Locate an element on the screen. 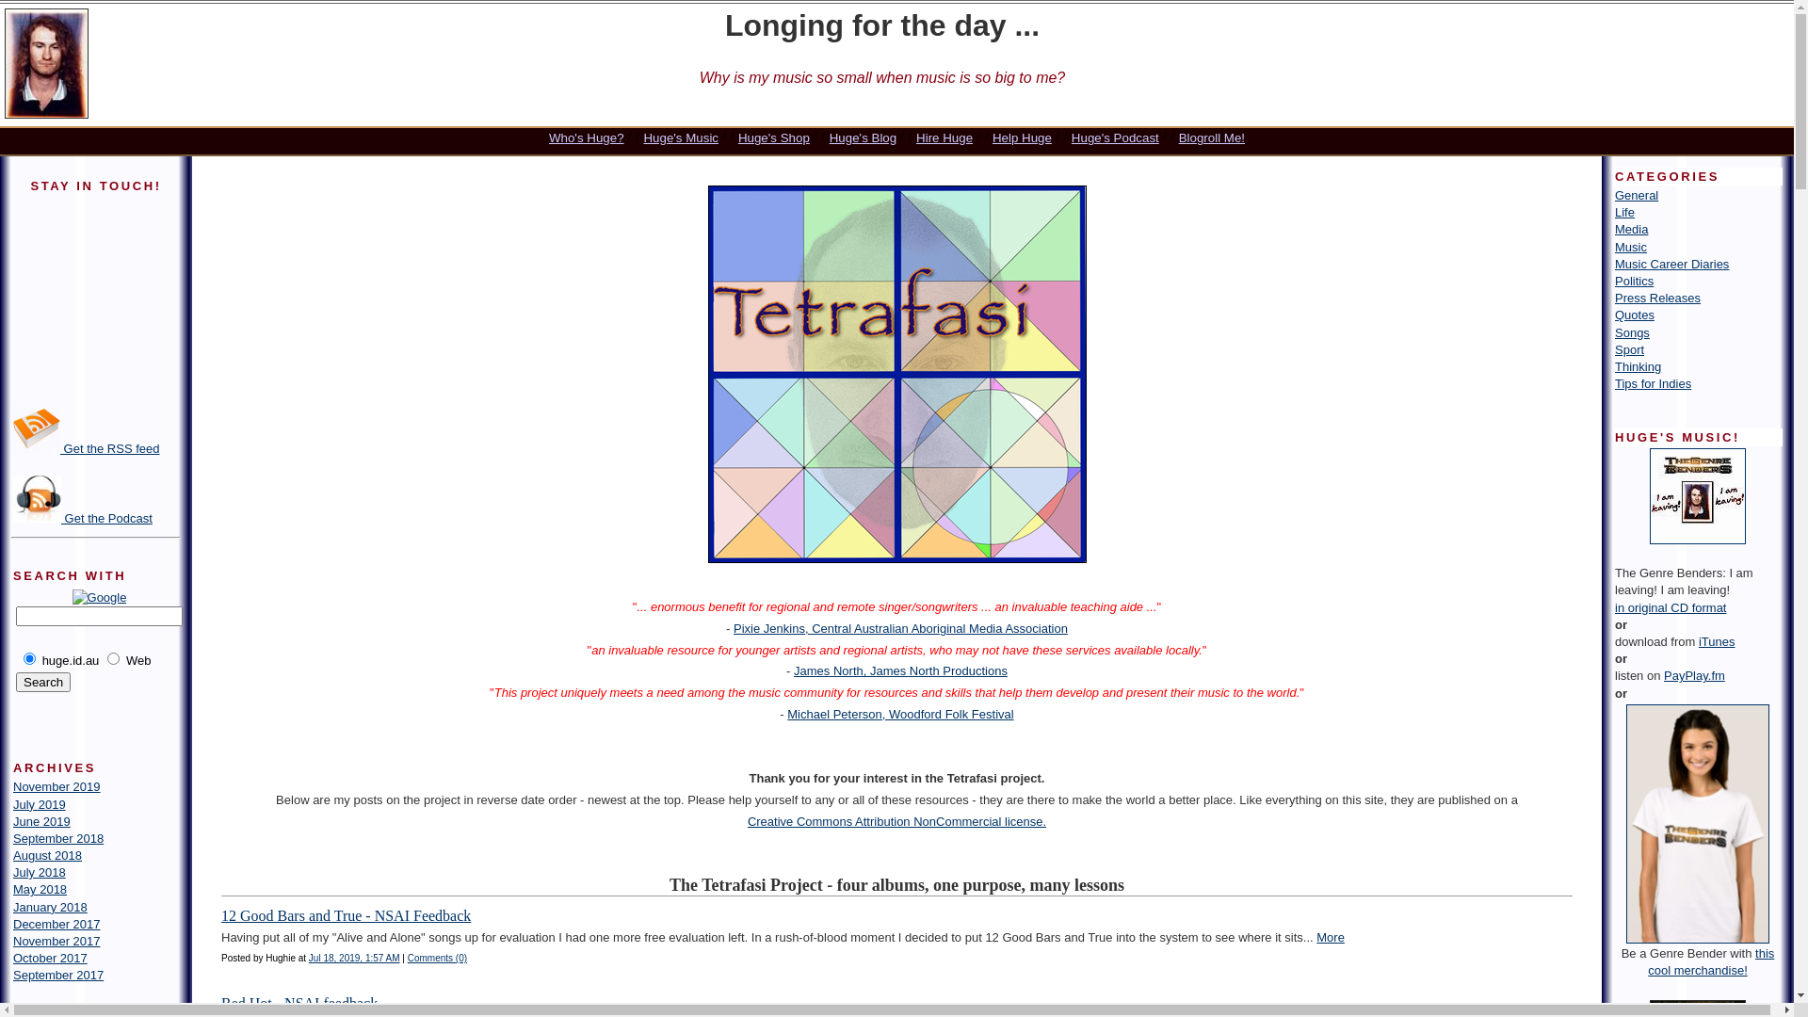 Image resolution: width=1808 pixels, height=1017 pixels. 'Red Hot - NSAI feedback' is located at coordinates (298, 1002).